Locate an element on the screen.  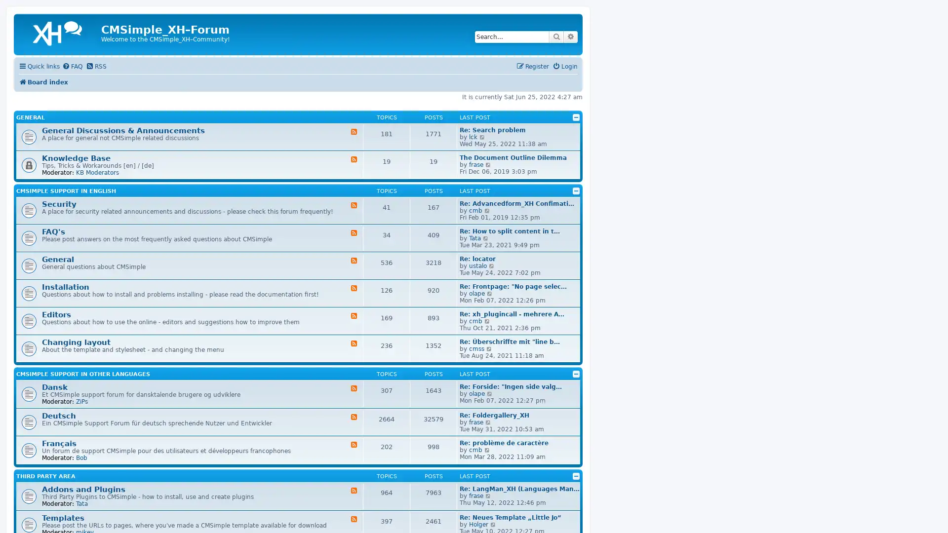
Search is located at coordinates (556, 36).